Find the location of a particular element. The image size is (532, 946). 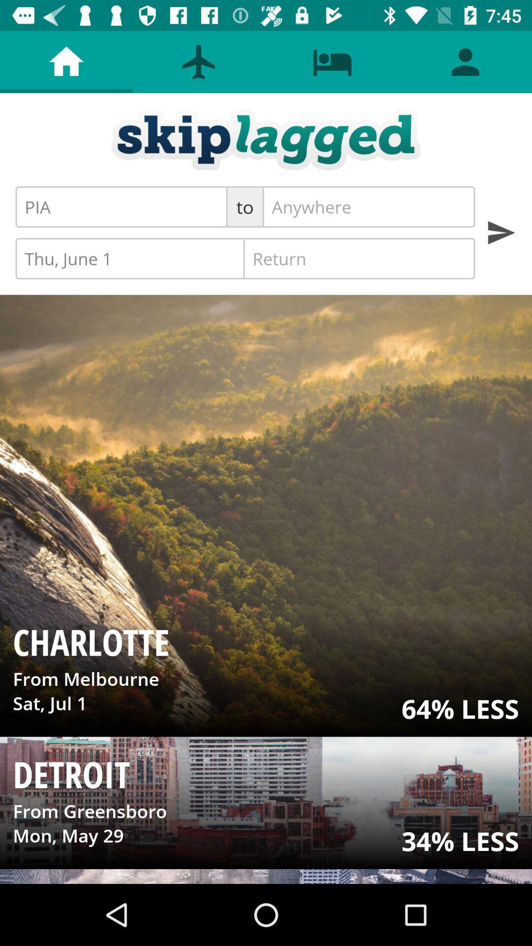

icon below the to is located at coordinates (359, 258).